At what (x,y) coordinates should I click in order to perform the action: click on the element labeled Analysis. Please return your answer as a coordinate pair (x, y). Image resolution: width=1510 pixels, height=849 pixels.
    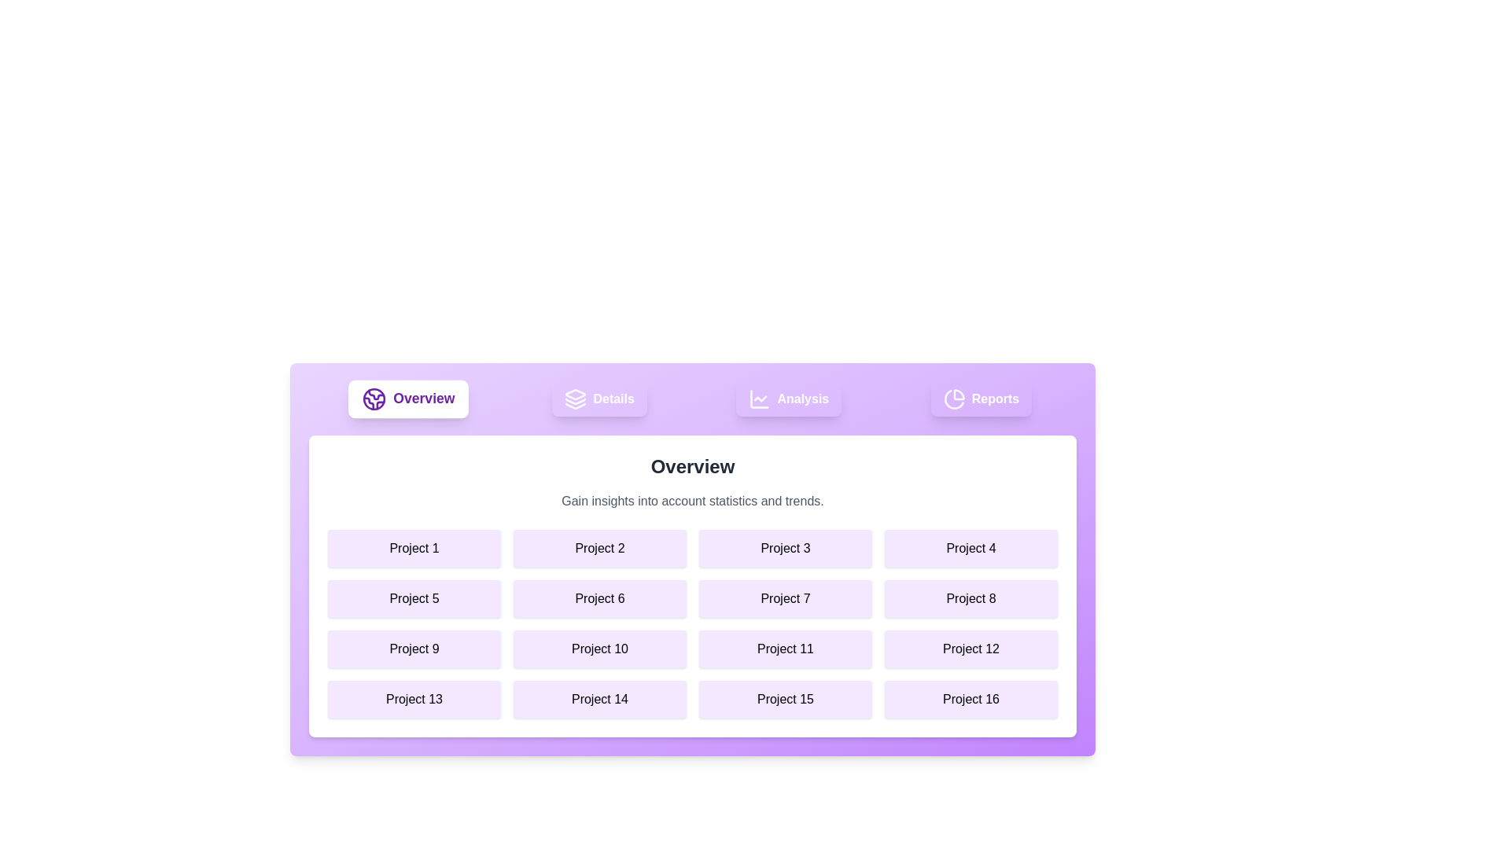
    Looking at the image, I should click on (789, 399).